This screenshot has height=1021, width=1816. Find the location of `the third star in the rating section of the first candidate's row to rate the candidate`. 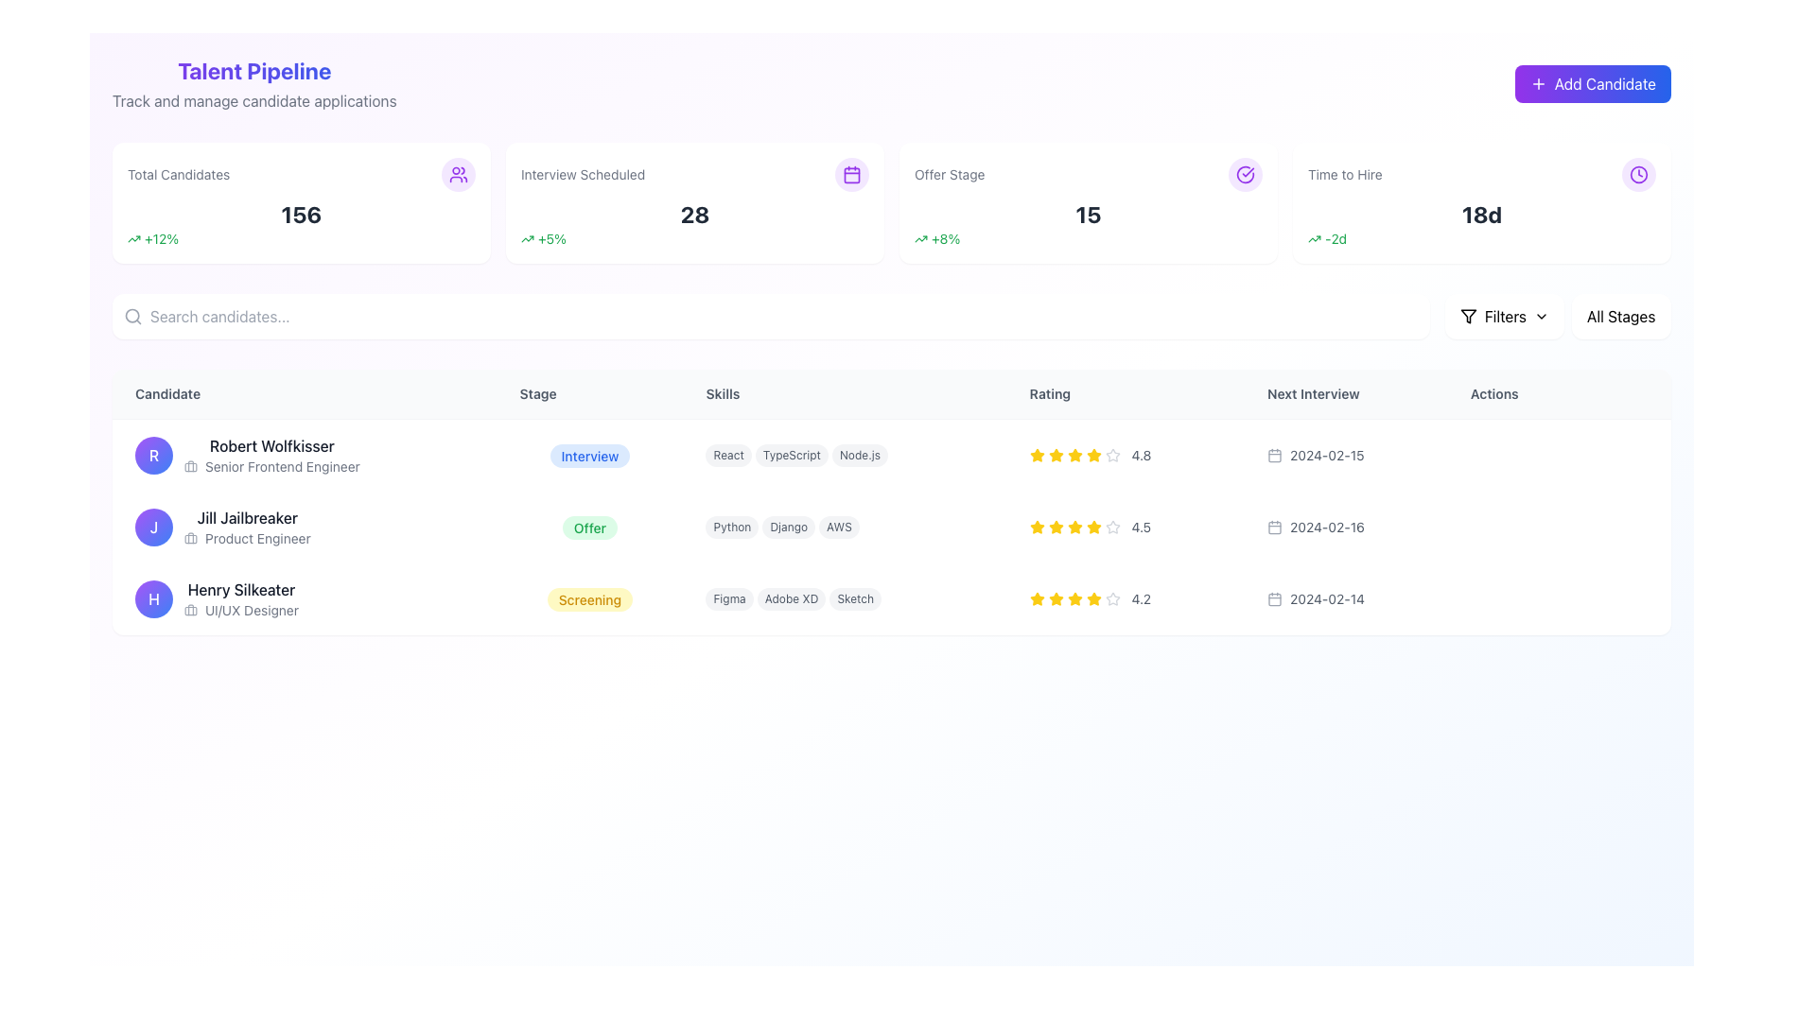

the third star in the rating section of the first candidate's row to rate the candidate is located at coordinates (1036, 455).